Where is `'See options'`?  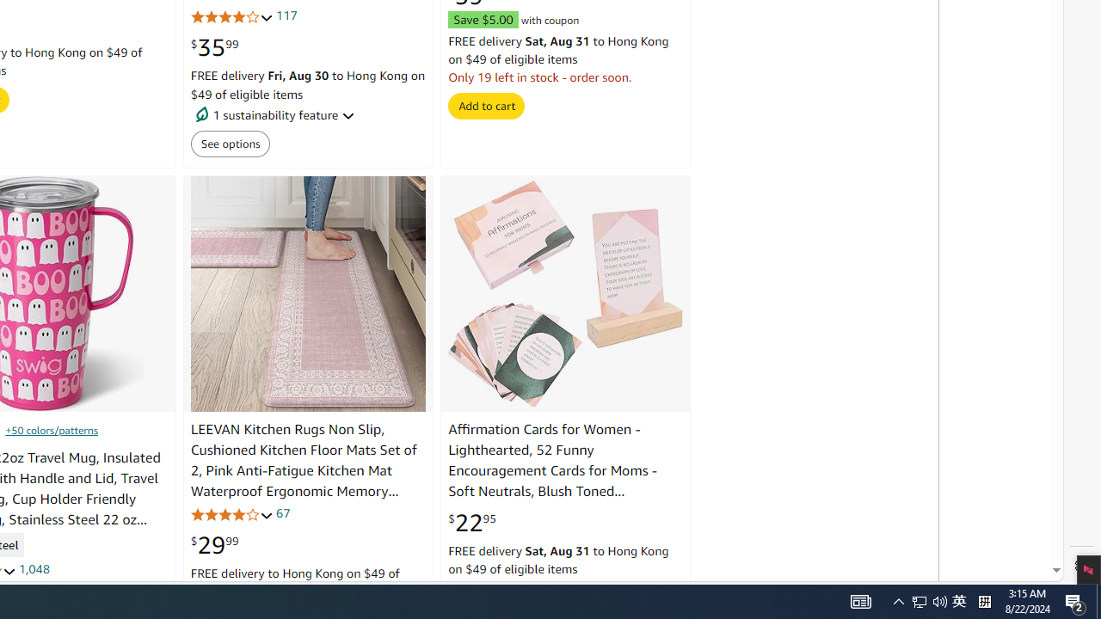
'See options' is located at coordinates (229, 143).